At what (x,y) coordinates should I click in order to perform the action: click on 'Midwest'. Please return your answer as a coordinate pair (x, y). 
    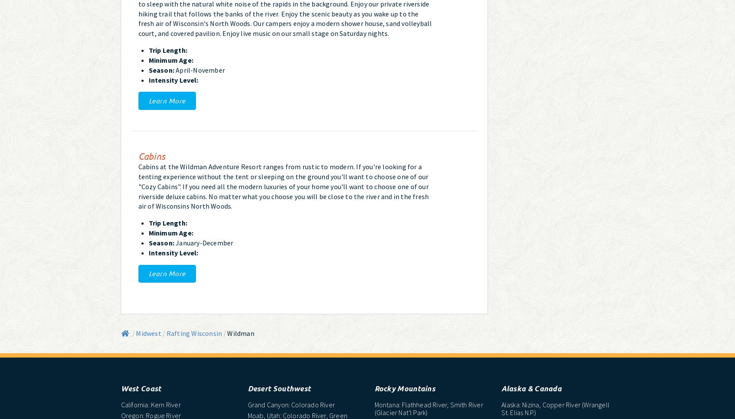
    Looking at the image, I should click on (148, 333).